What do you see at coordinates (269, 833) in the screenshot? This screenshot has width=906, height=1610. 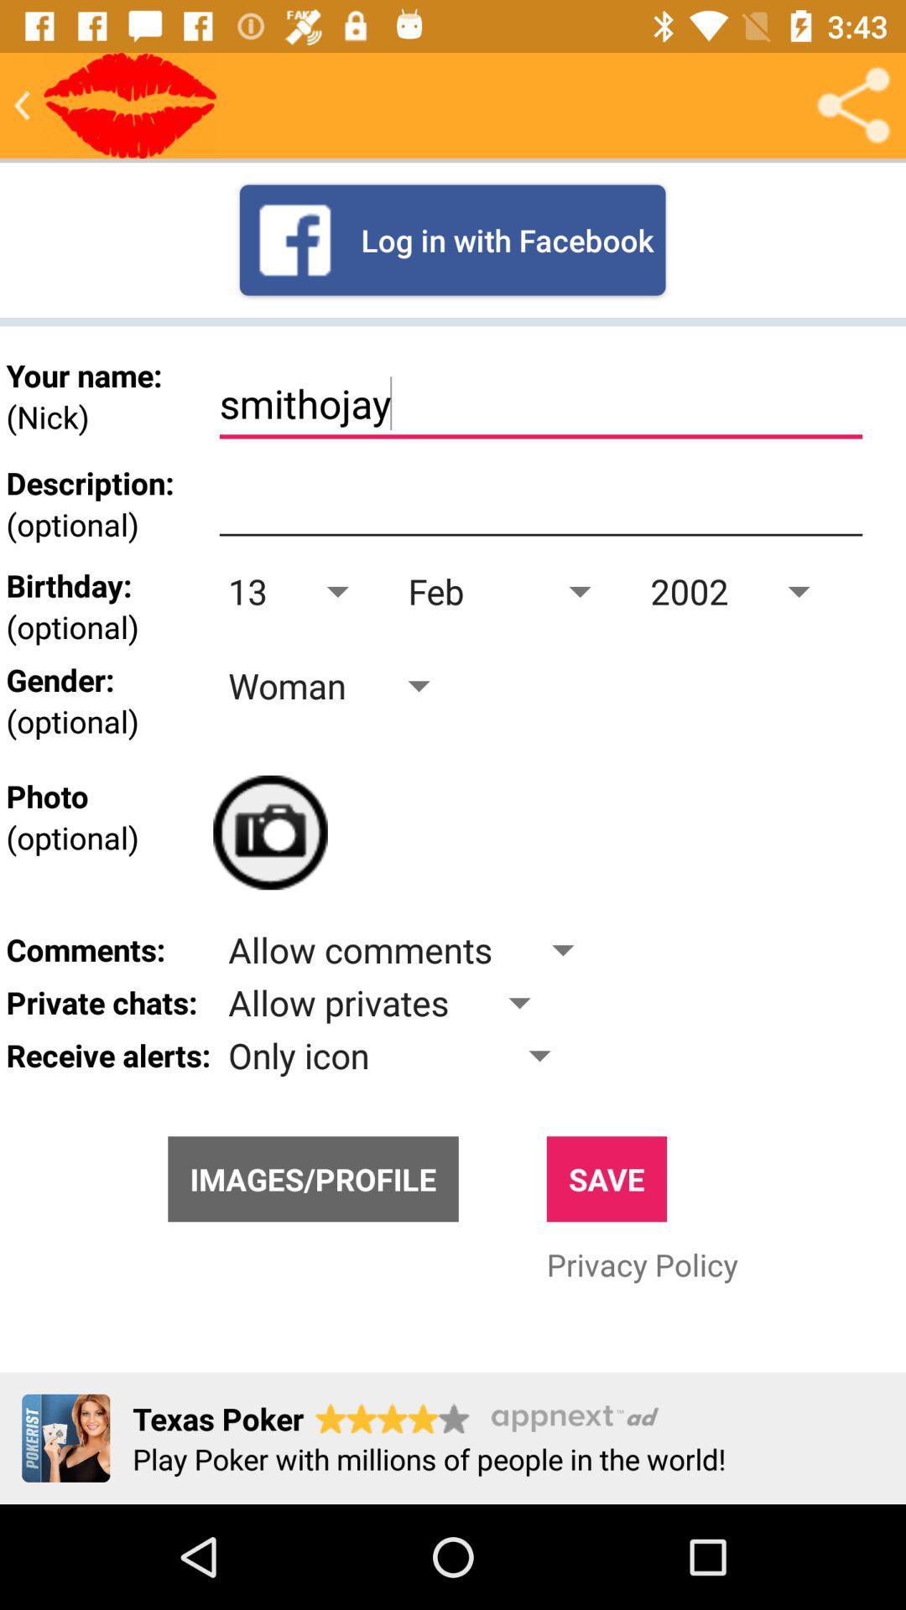 I see `click camera option` at bounding box center [269, 833].